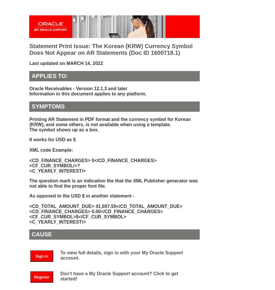 This screenshot has height=290, width=275. I want to click on 'XML code Example:', so click(51, 150).